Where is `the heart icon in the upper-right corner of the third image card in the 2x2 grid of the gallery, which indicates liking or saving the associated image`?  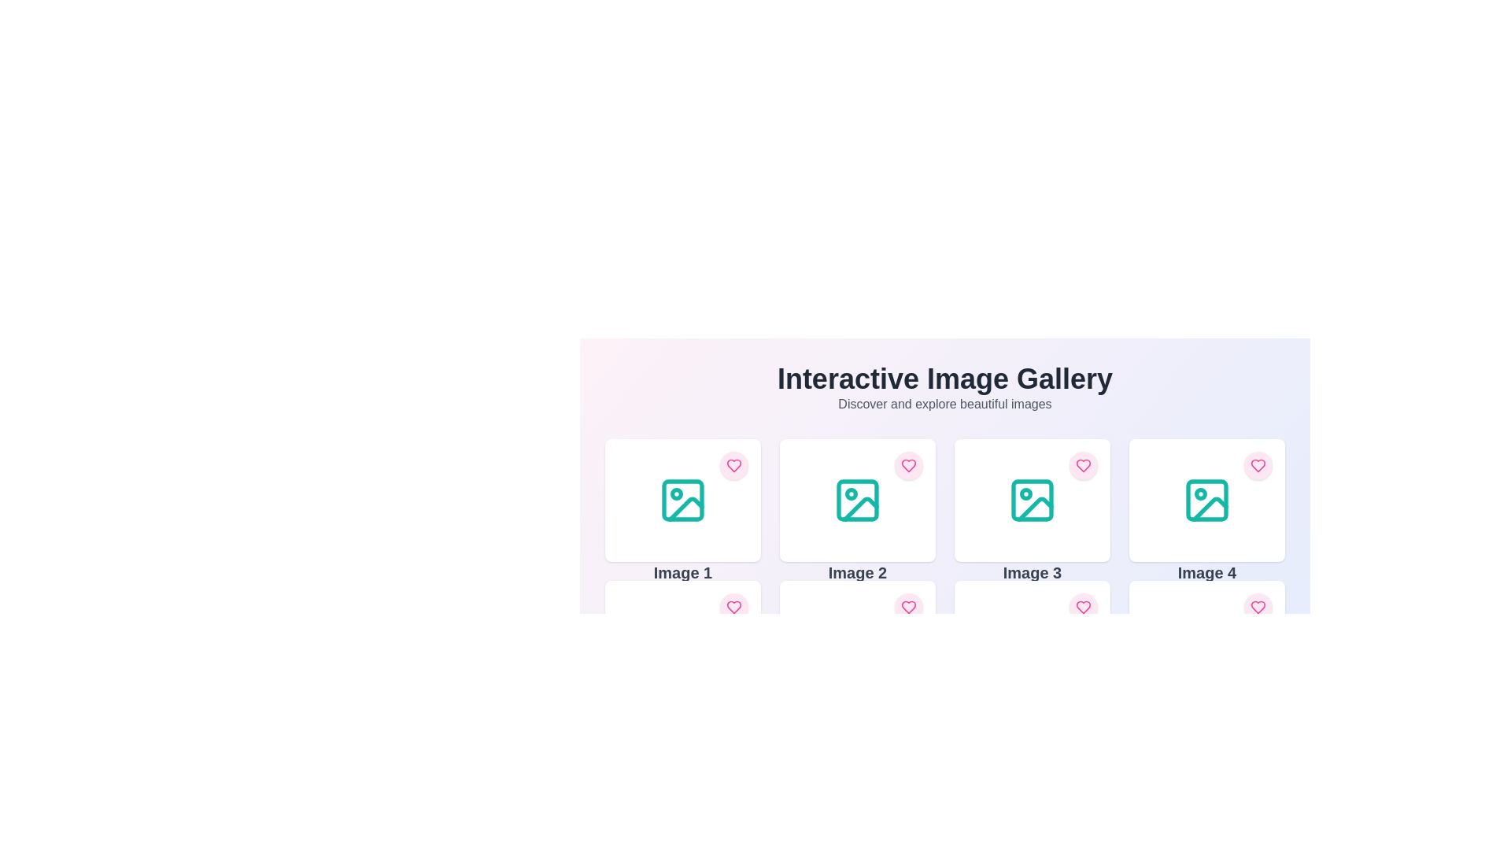
the heart icon in the upper-right corner of the third image card in the 2x2 grid of the gallery, which indicates liking or saving the associated image is located at coordinates (1083, 464).